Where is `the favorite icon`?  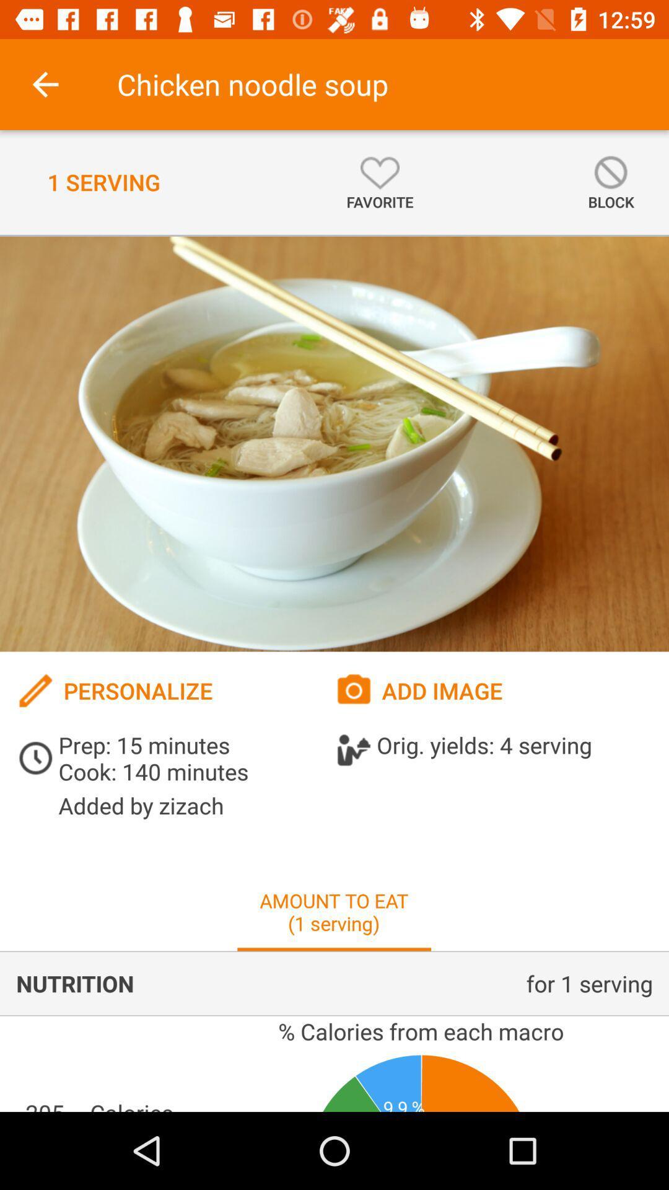
the favorite icon is located at coordinates (379, 182).